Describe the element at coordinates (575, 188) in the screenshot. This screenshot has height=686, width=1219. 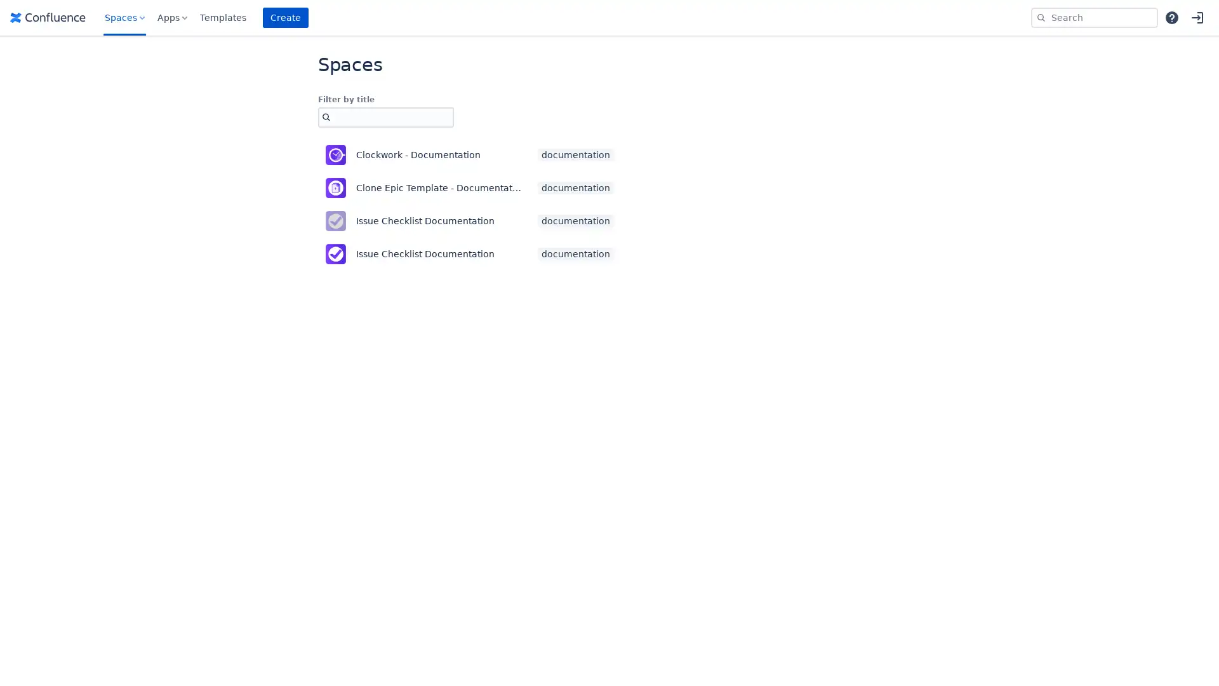
I see `documentation` at that location.